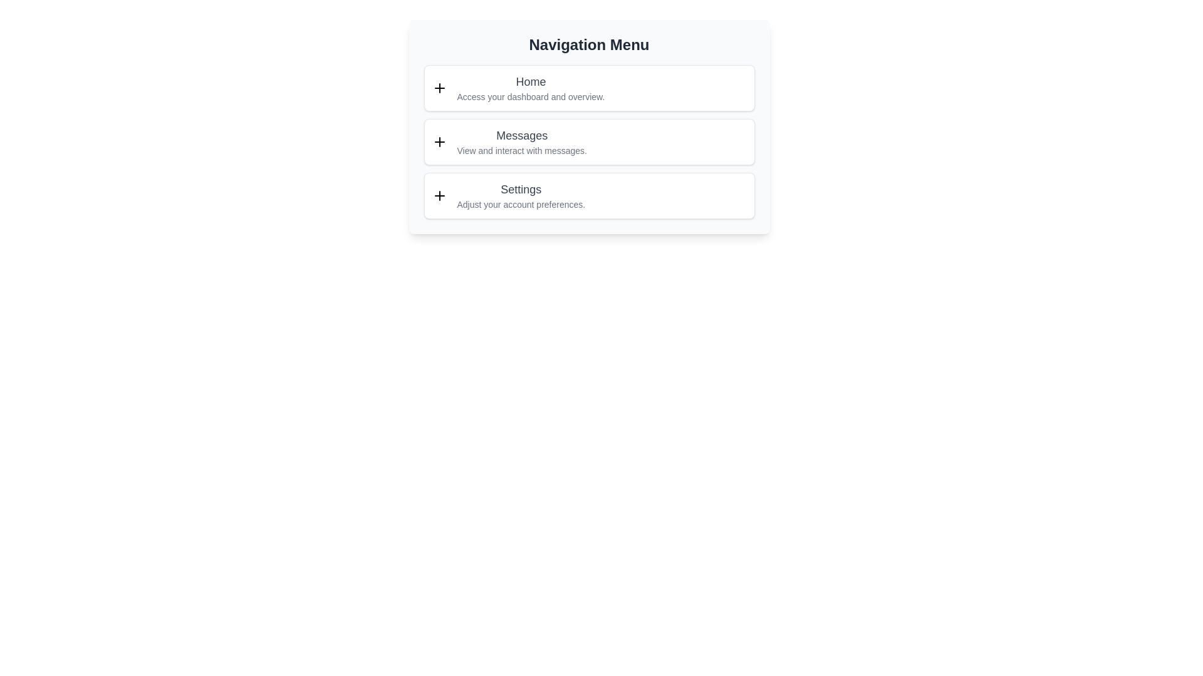 The image size is (1203, 676). I want to click on the 'Messages' textual description in the vertical navigation menu, which is styled with a bold heading and smaller subtext, positioned between 'Home' and 'Settings', so click(522, 141).